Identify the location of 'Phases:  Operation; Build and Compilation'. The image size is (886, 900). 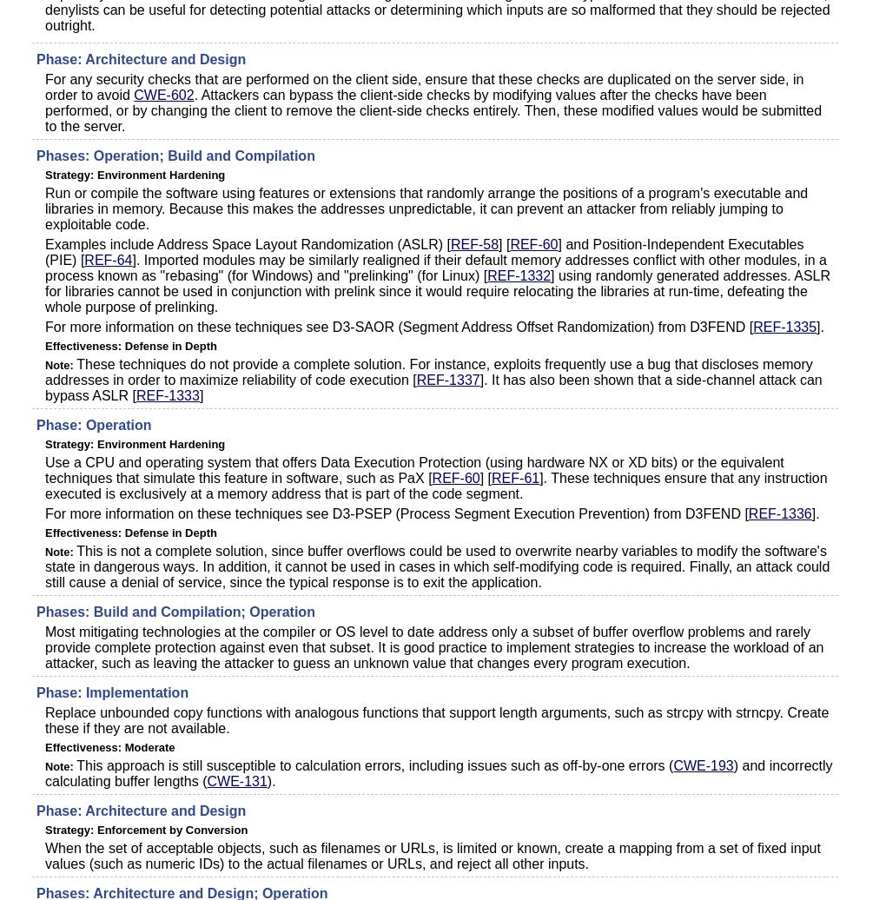
(174, 156).